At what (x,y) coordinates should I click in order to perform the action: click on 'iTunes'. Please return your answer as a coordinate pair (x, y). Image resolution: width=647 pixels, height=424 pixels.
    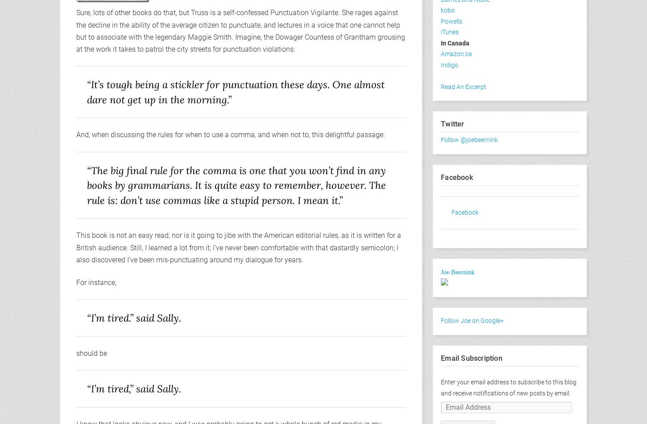
    Looking at the image, I should click on (450, 32).